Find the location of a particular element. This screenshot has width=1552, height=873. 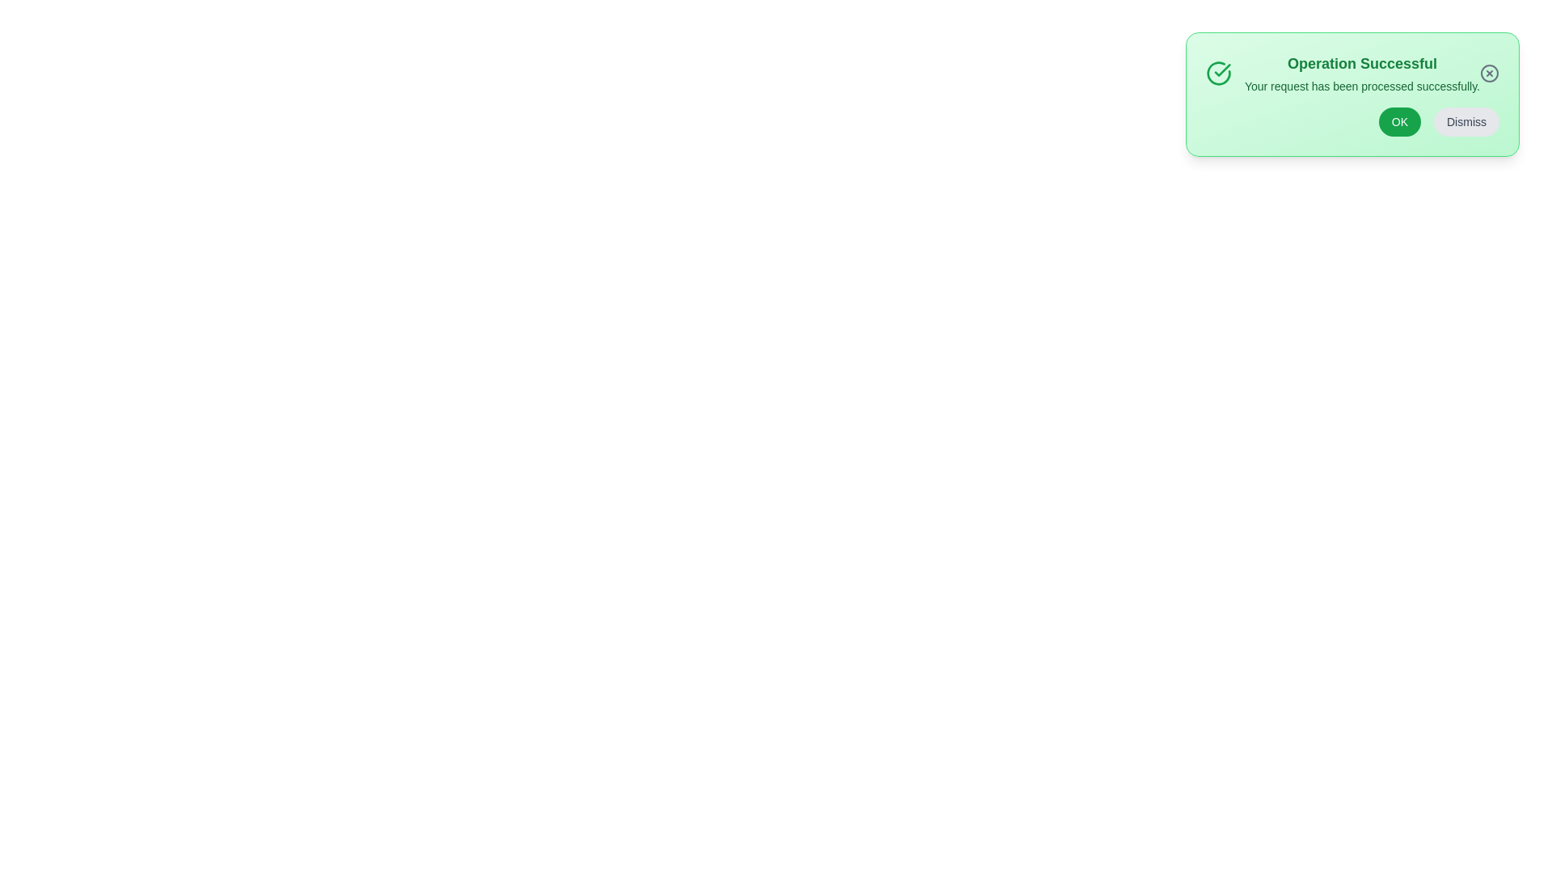

the 'Dismiss' button to hide the alert is located at coordinates (1466, 120).